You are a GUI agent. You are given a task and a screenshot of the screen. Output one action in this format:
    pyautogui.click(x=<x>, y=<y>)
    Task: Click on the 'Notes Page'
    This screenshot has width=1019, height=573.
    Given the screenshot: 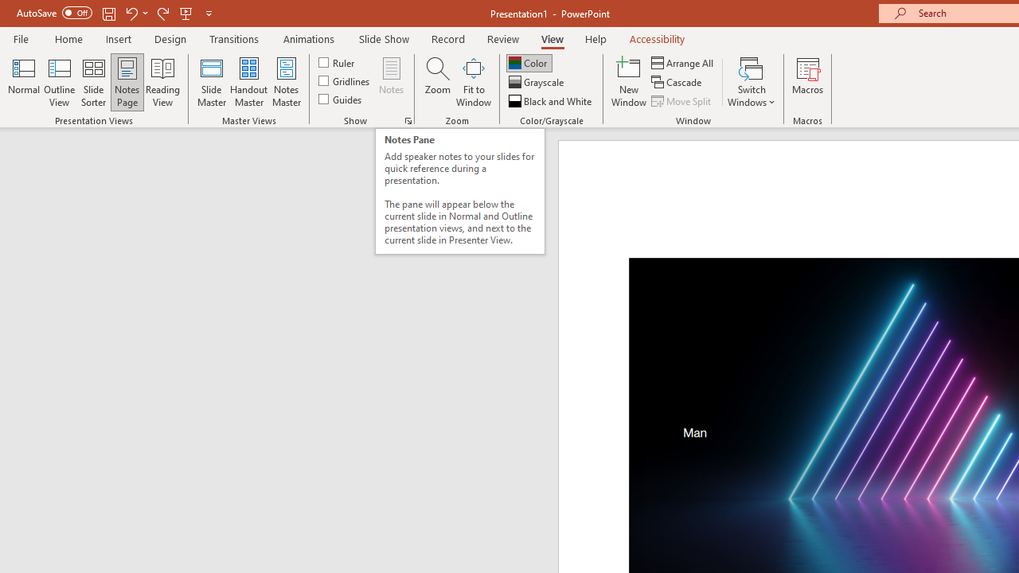 What is the action you would take?
    pyautogui.click(x=127, y=82)
    